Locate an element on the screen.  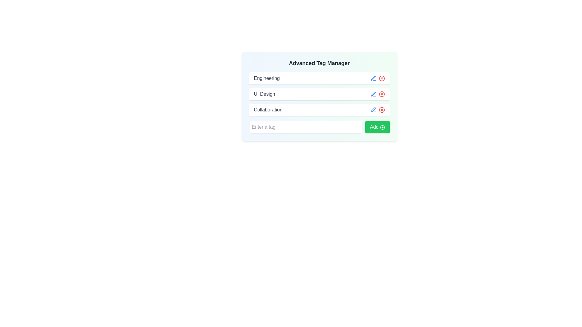
the visual representation of the circular outline in the 'Add' button icon, which is centrally positioned within the button in the 'Advanced Tag Manager' interface is located at coordinates (382, 127).